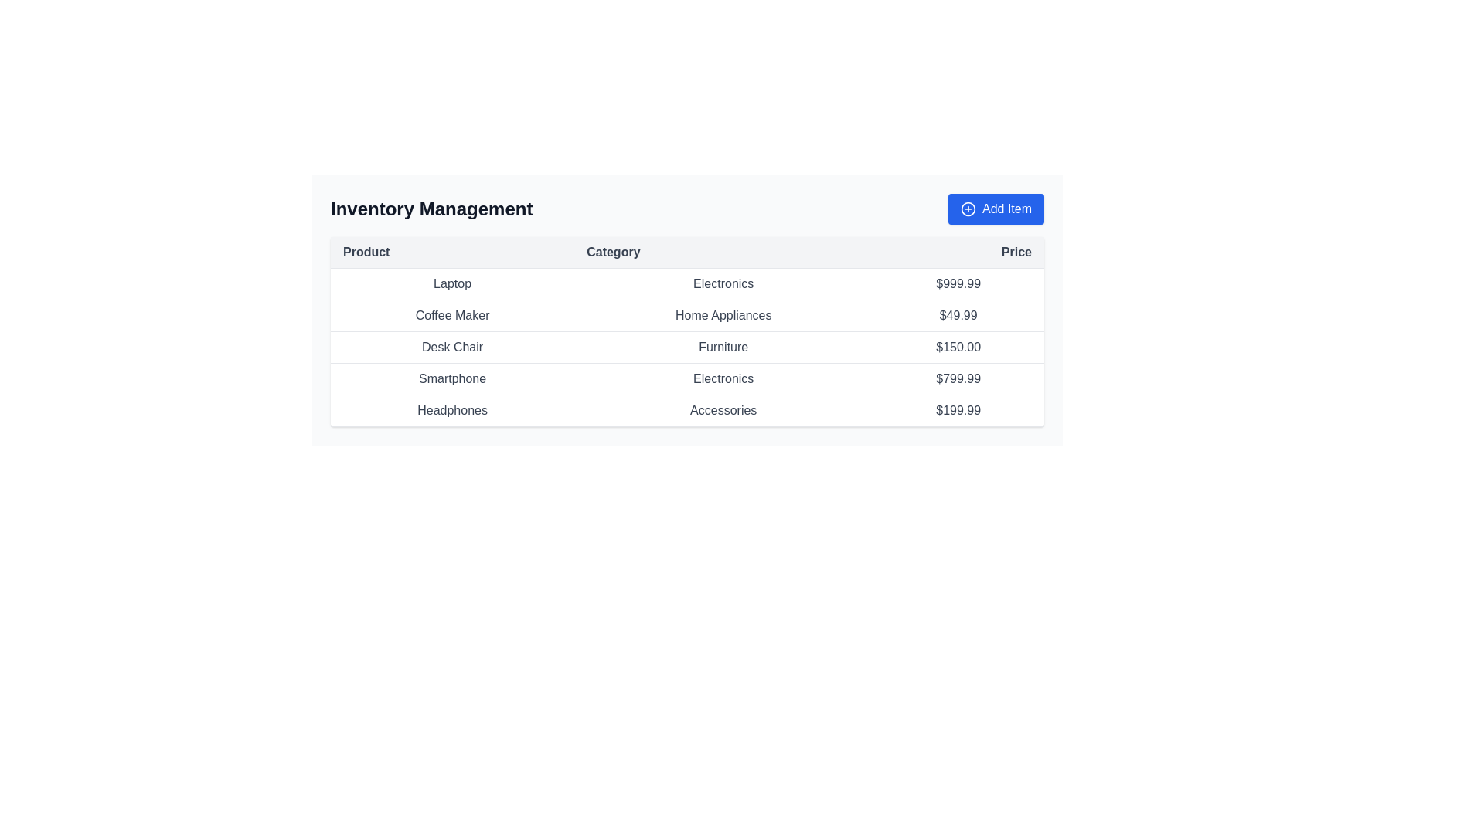 The image size is (1484, 834). Describe the element at coordinates (686, 314) in the screenshot. I see `text from the second row of the table which contains 'Coffee Maker', 'Home Appliances', and '$49.99'` at that location.